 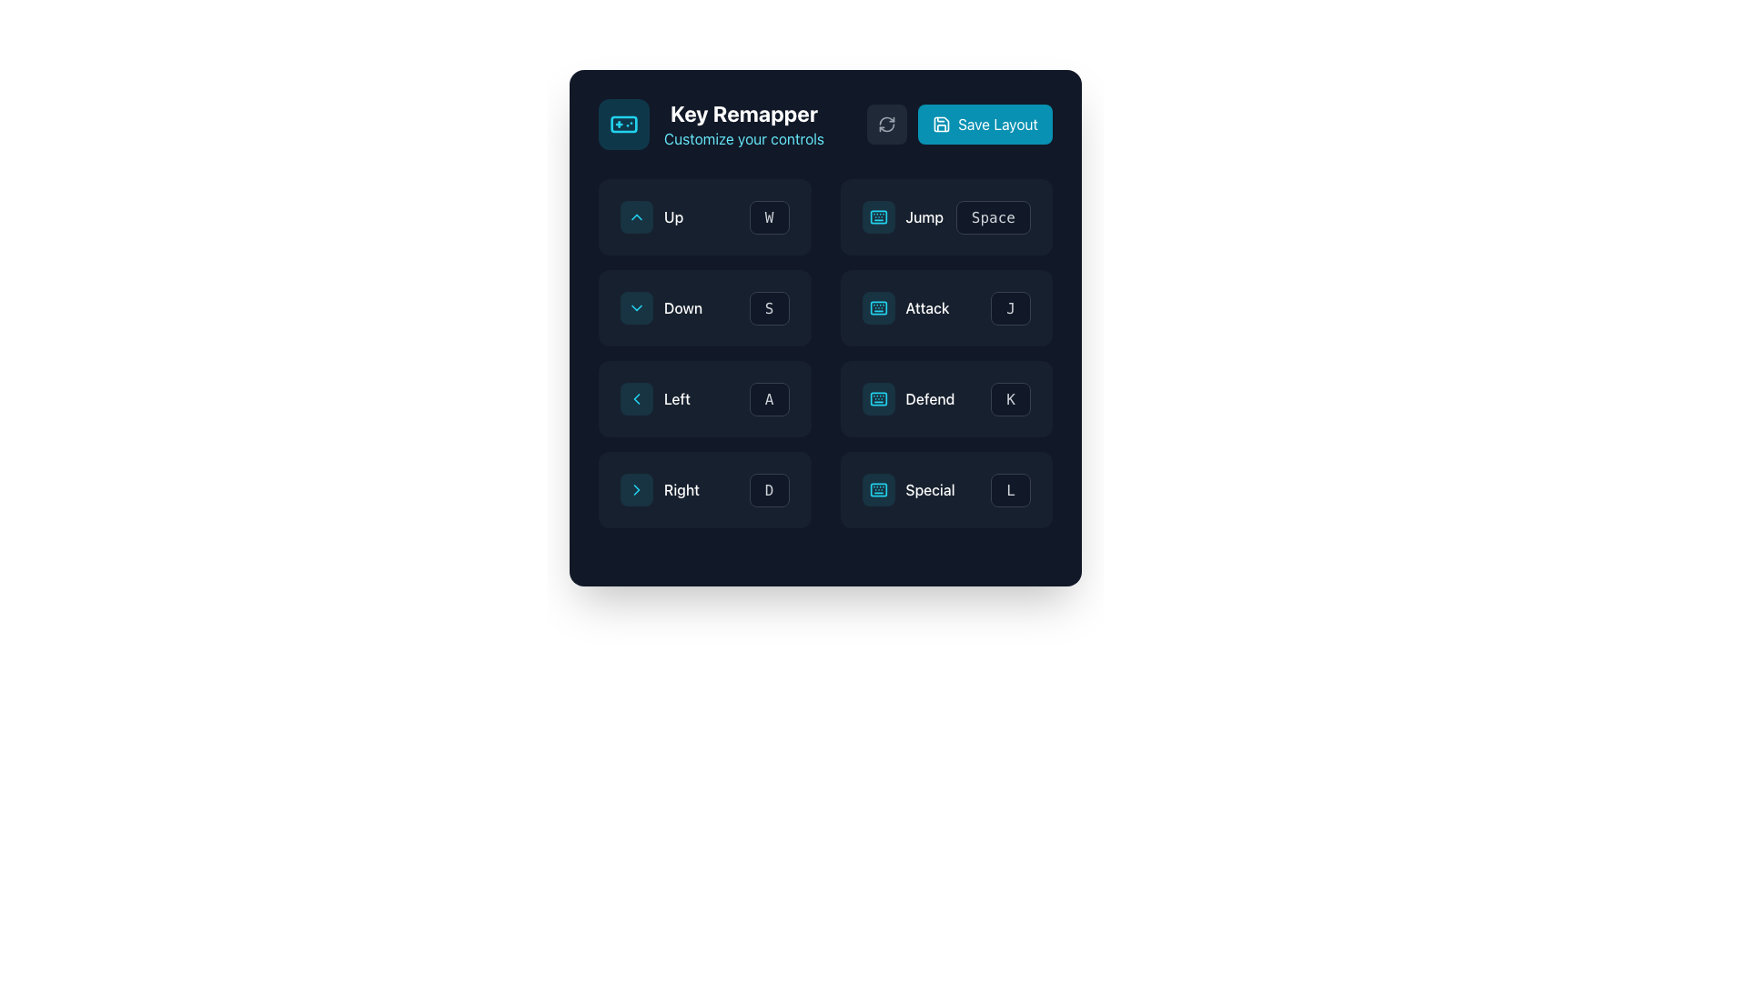 I want to click on the 'Jump' action button, which is represented by a keyboard icon, located in the top-right section of the control mapping interface for visual feedback, so click(x=903, y=216).